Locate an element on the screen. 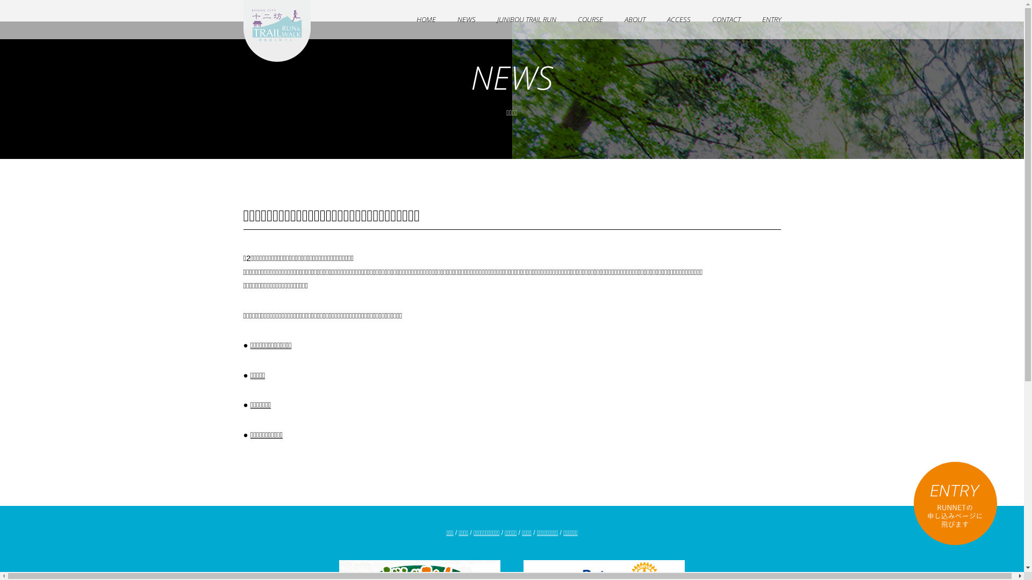 The width and height of the screenshot is (1032, 580). 'JUNIBOU TRAIL RUN' is located at coordinates (526, 19).